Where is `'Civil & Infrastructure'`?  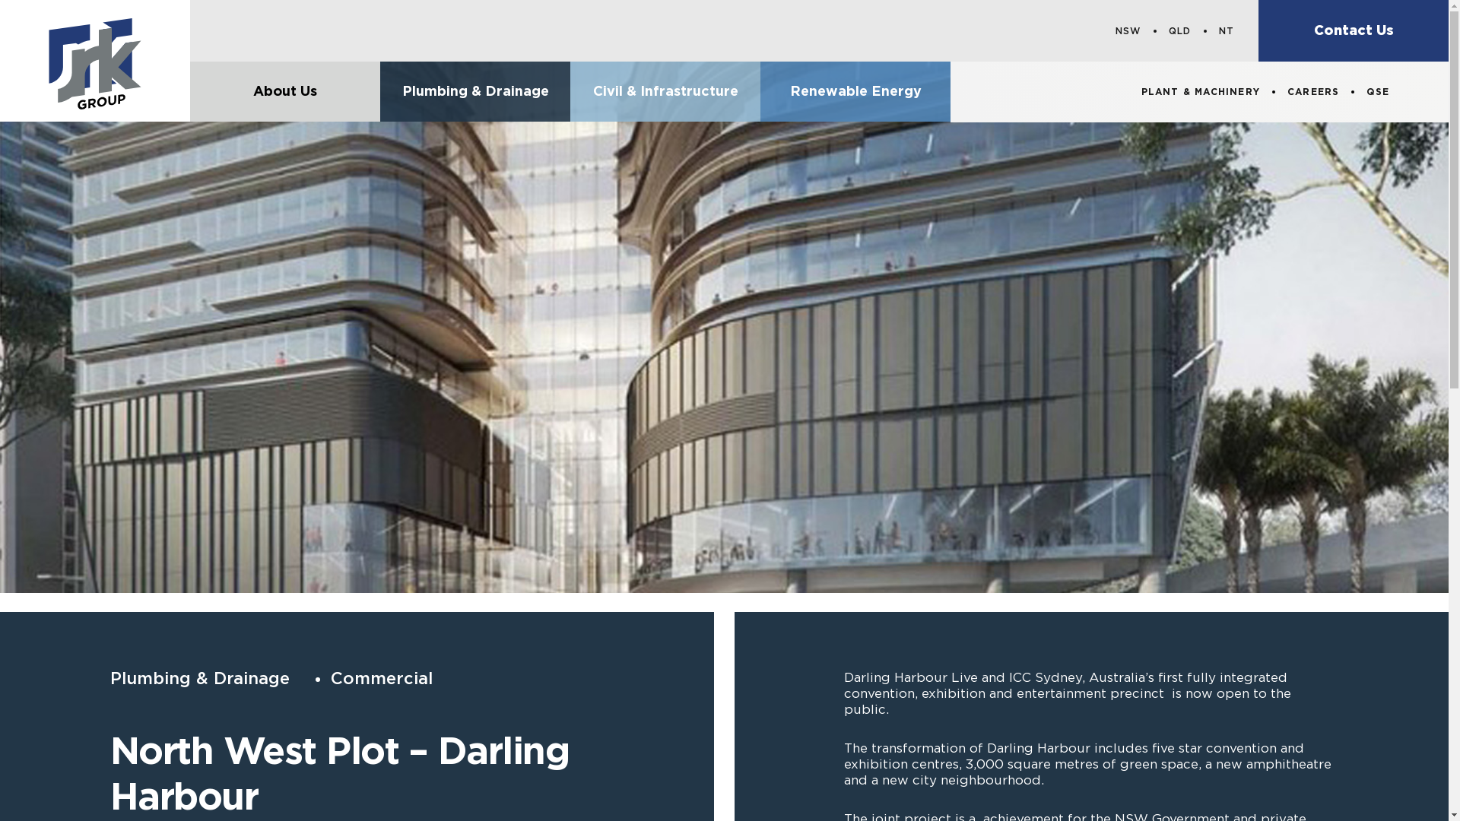
'Civil & Infrastructure' is located at coordinates (569, 91).